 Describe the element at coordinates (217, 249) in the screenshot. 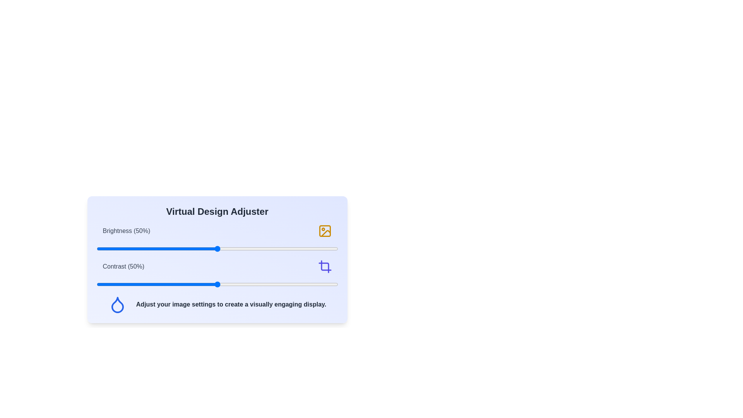

I see `the brightness slider to focus it for keyboard-based adjustments` at that location.